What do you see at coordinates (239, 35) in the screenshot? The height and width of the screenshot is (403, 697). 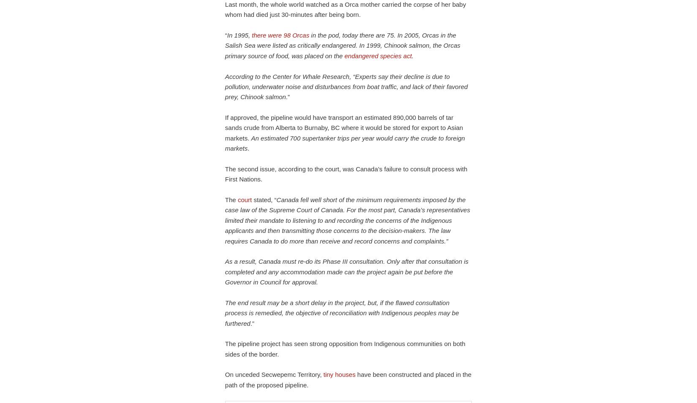 I see `'In 1995,'` at bounding box center [239, 35].